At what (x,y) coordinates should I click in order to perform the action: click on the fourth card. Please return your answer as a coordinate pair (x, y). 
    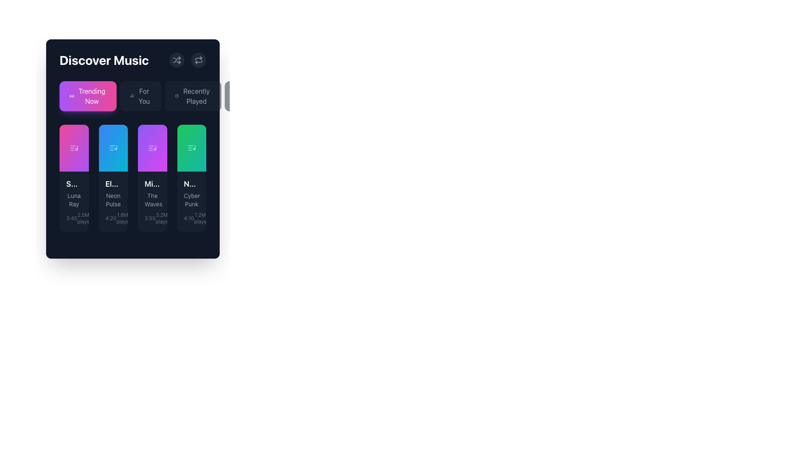
    Looking at the image, I should click on (191, 148).